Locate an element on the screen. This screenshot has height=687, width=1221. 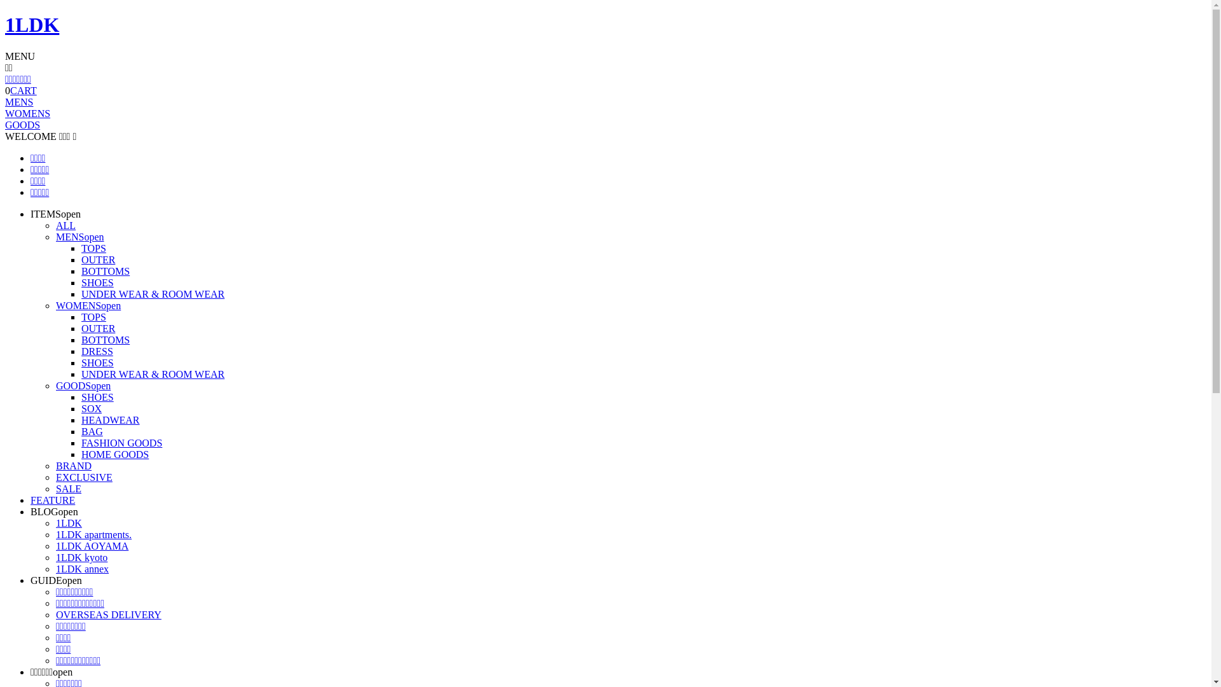
'SHOES' is located at coordinates (81, 363).